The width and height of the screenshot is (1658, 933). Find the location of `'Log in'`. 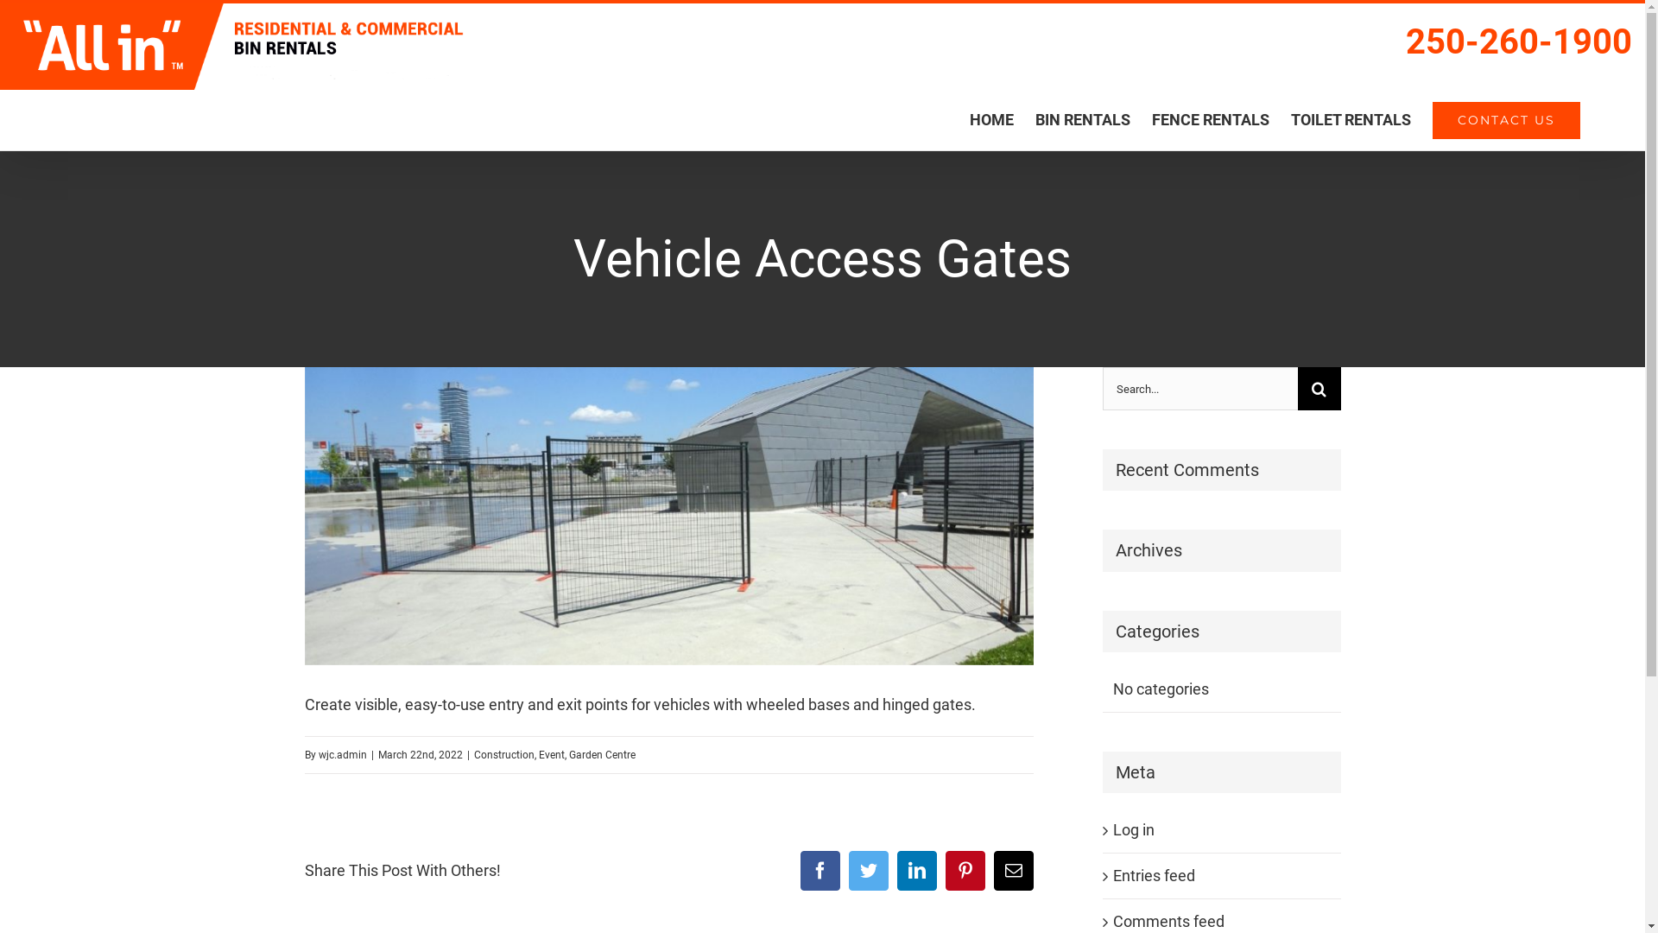

'Log in' is located at coordinates (1132, 828).